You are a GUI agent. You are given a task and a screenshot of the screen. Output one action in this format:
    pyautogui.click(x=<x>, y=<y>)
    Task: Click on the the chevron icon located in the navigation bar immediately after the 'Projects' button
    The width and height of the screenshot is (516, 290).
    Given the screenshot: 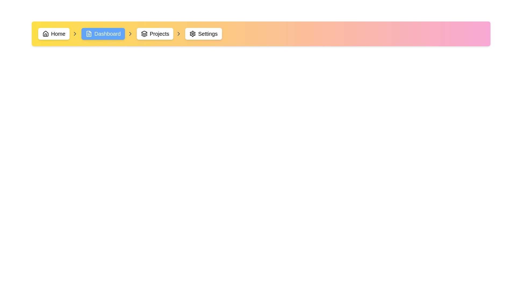 What is the action you would take?
    pyautogui.click(x=179, y=34)
    